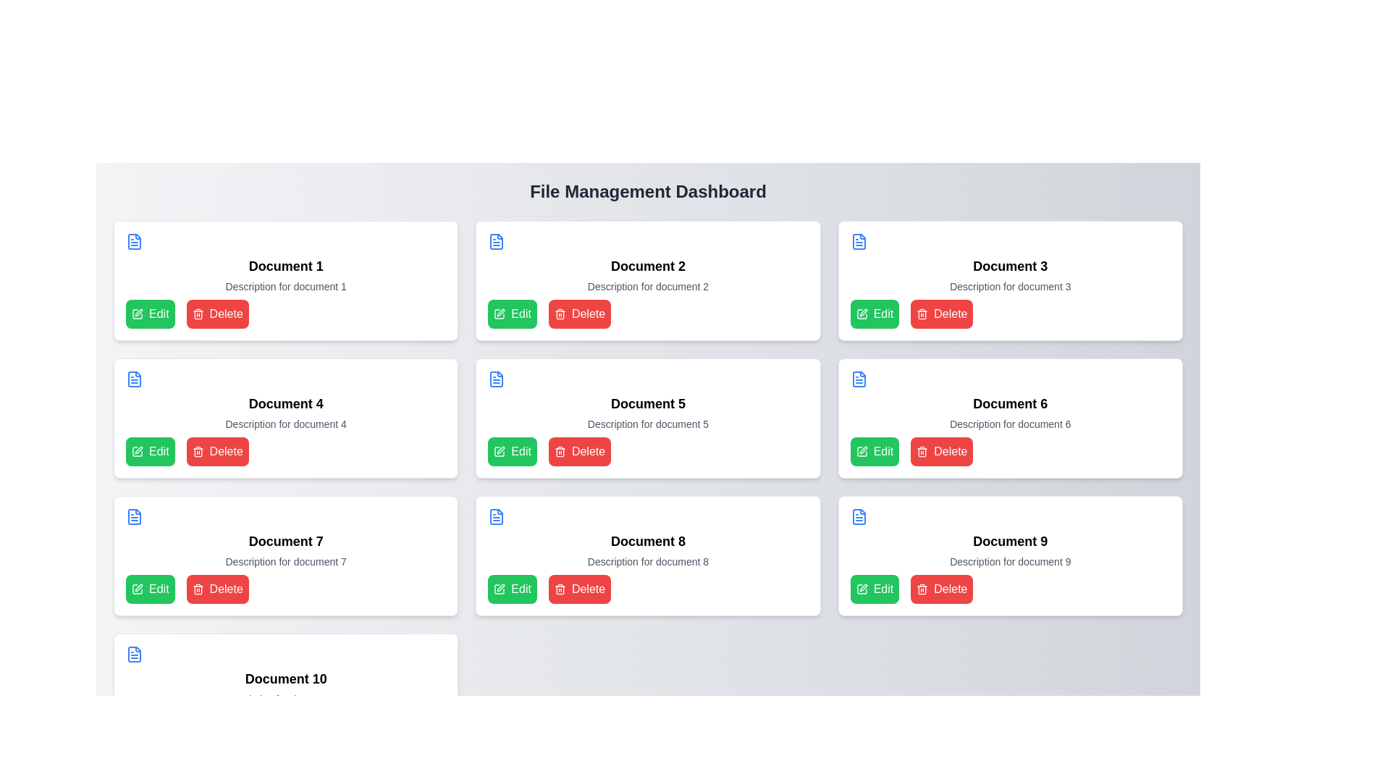  Describe the element at coordinates (216, 726) in the screenshot. I see `the red 'Delete' button with a trash can icon located in the bottom portion of the 'Document 10' card` at that location.